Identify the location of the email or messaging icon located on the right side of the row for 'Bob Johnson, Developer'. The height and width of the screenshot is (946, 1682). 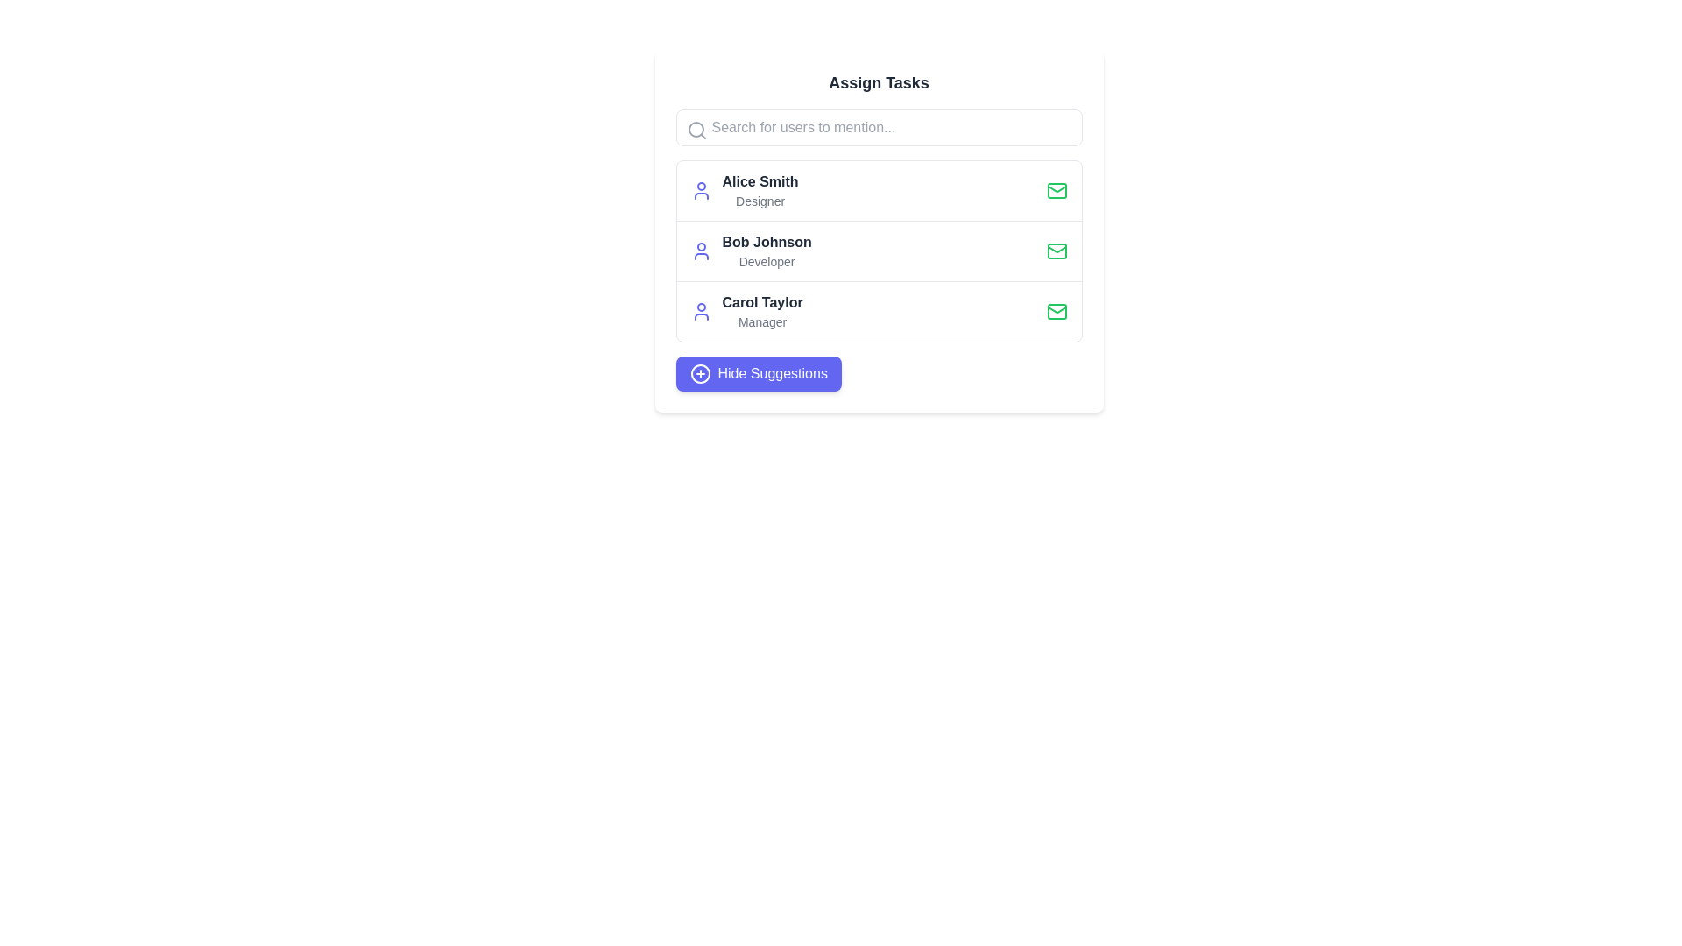
(1056, 251).